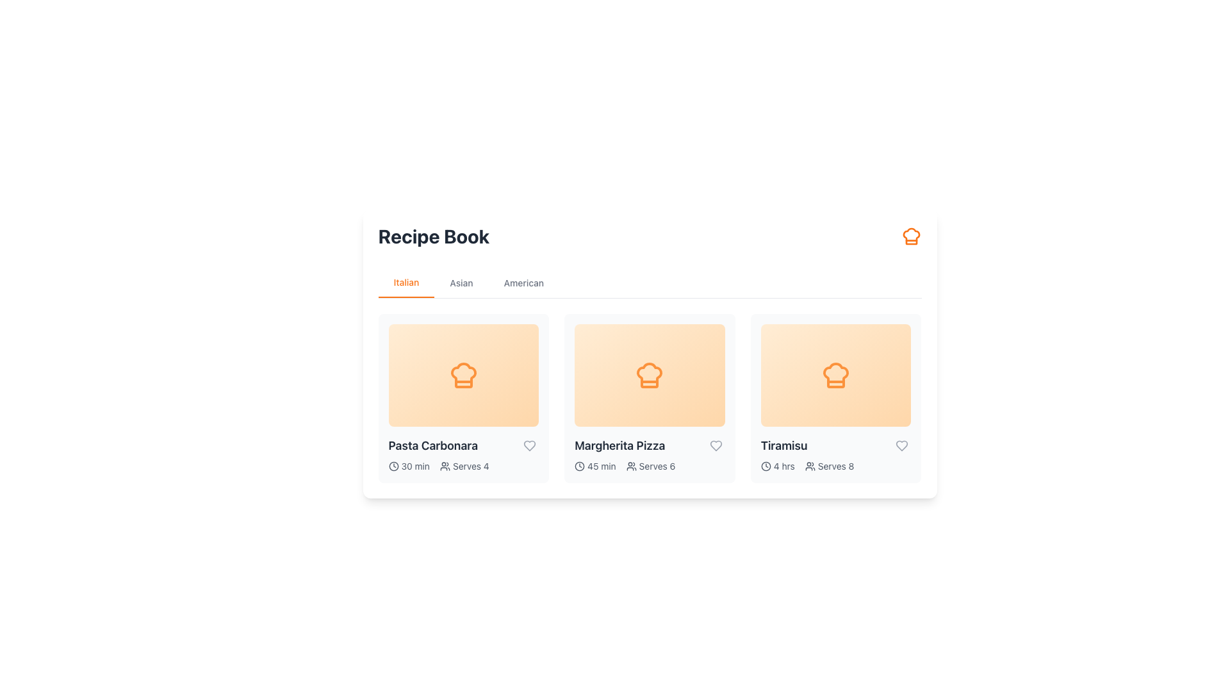  I want to click on the heart icon button located at the bottom right corner of the 'Pasta Carbonara' recipe card in the Italian recipes section, so click(530, 445).